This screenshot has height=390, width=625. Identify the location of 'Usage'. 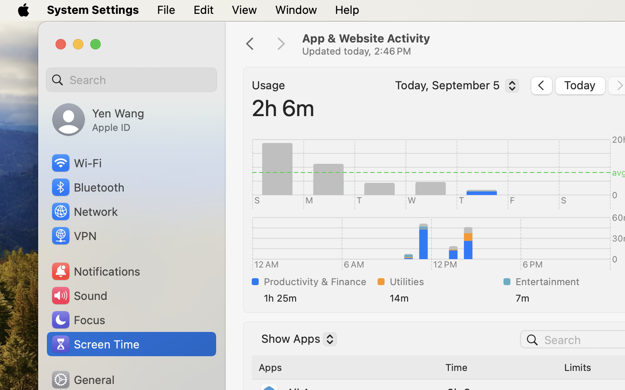
(268, 85).